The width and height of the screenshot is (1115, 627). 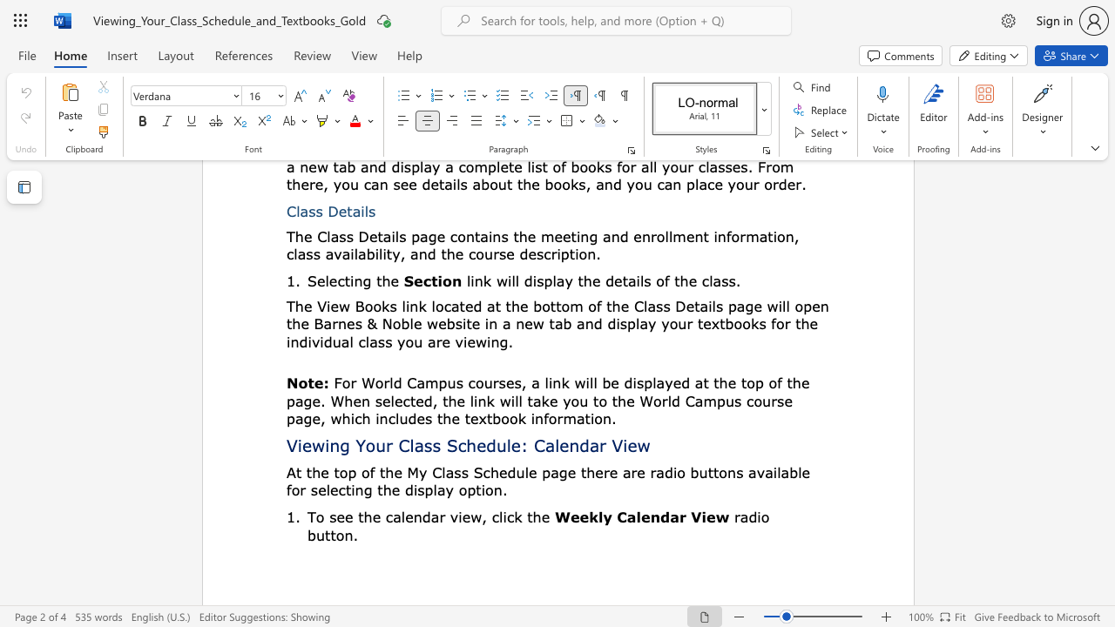 What do you see at coordinates (553, 516) in the screenshot?
I see `the subset text "Weekly Calendar View" within the text "Weekly Calendar View"` at bounding box center [553, 516].